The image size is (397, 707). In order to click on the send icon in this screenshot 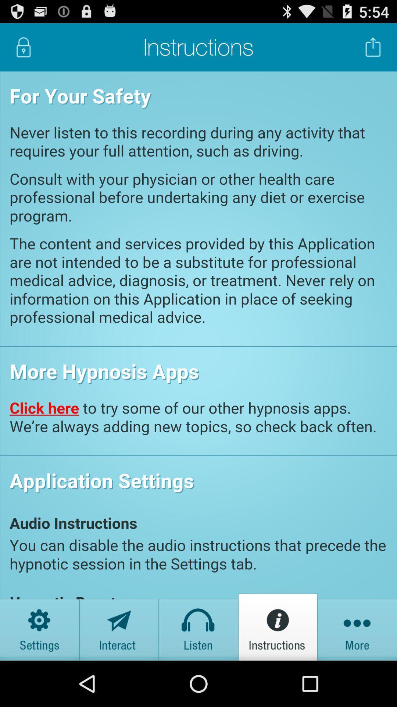, I will do `click(119, 671)`.